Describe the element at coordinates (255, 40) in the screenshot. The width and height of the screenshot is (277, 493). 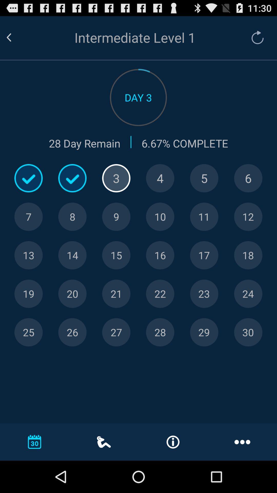
I see `the refresh icon` at that location.